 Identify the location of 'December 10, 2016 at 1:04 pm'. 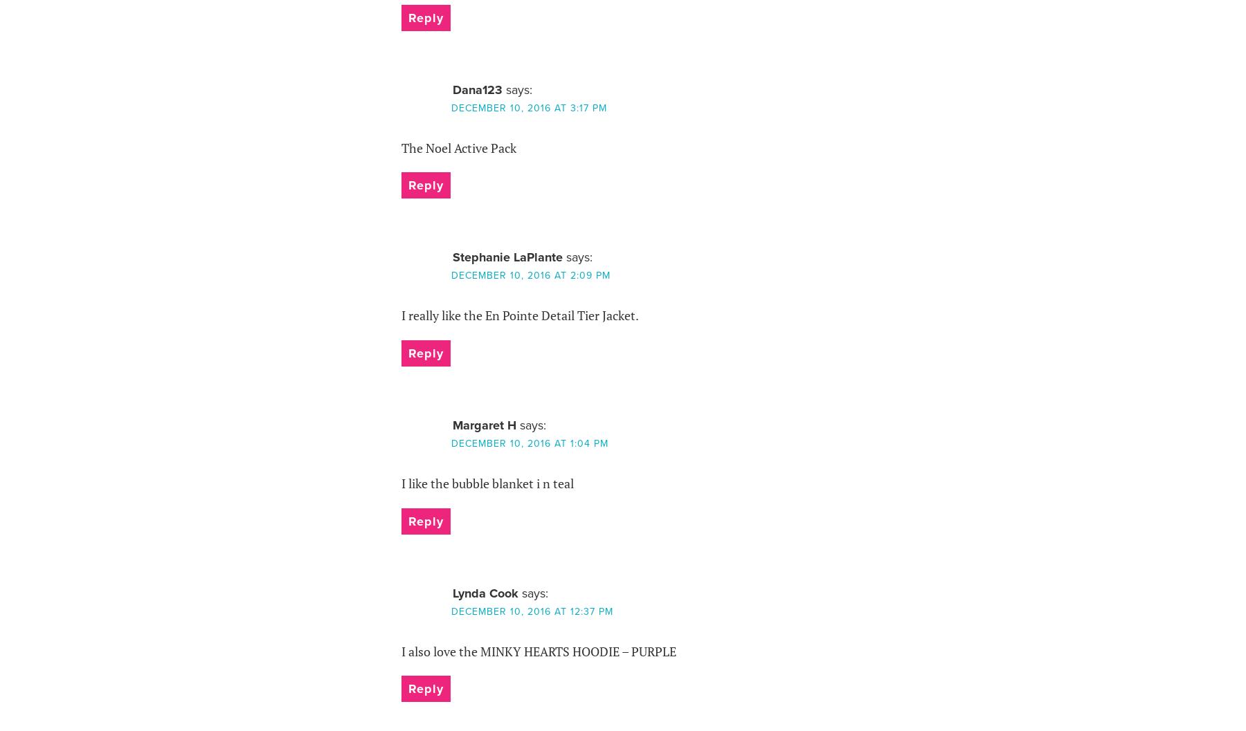
(451, 443).